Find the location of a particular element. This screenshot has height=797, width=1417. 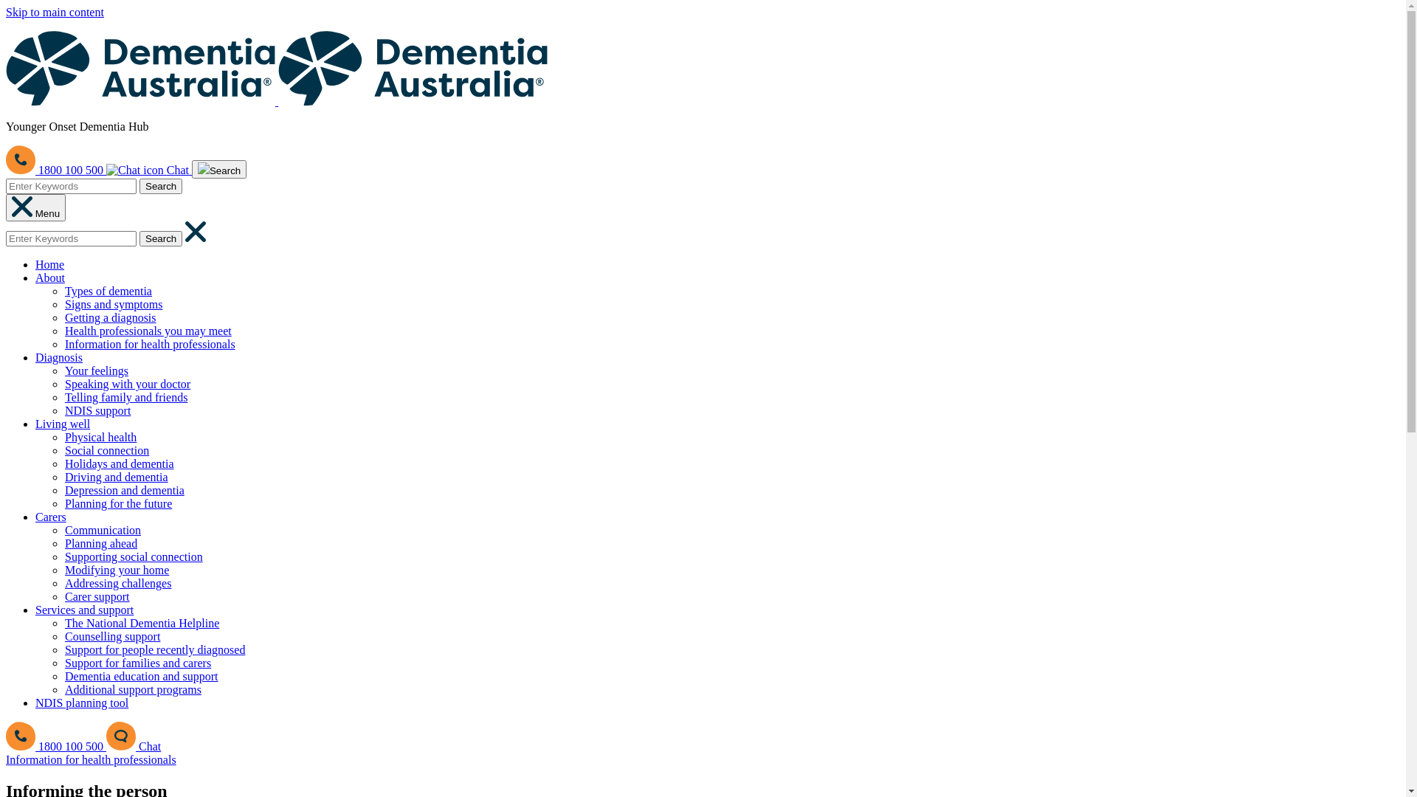

'Health professionals you may meet' is located at coordinates (148, 330).